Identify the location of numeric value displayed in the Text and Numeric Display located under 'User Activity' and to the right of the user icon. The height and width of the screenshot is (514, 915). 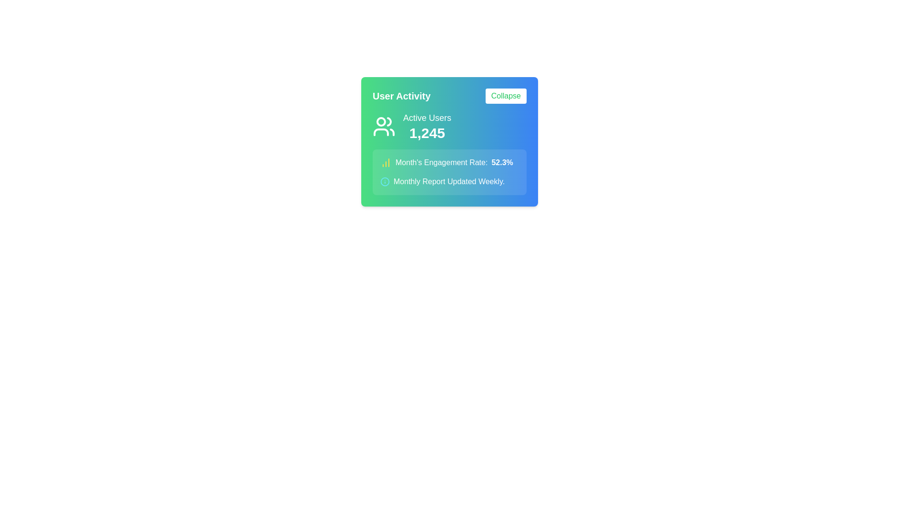
(427, 126).